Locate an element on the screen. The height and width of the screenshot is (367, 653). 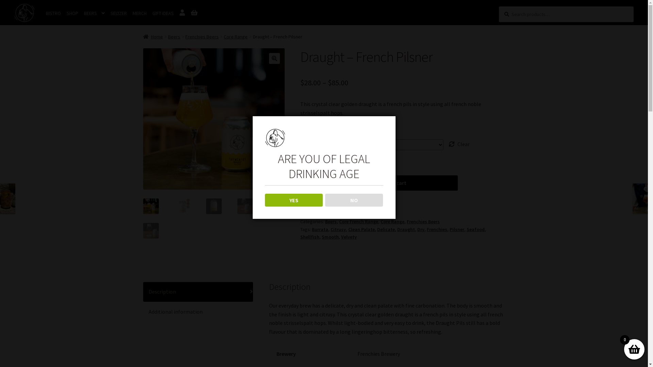
'NO' is located at coordinates (354, 200).